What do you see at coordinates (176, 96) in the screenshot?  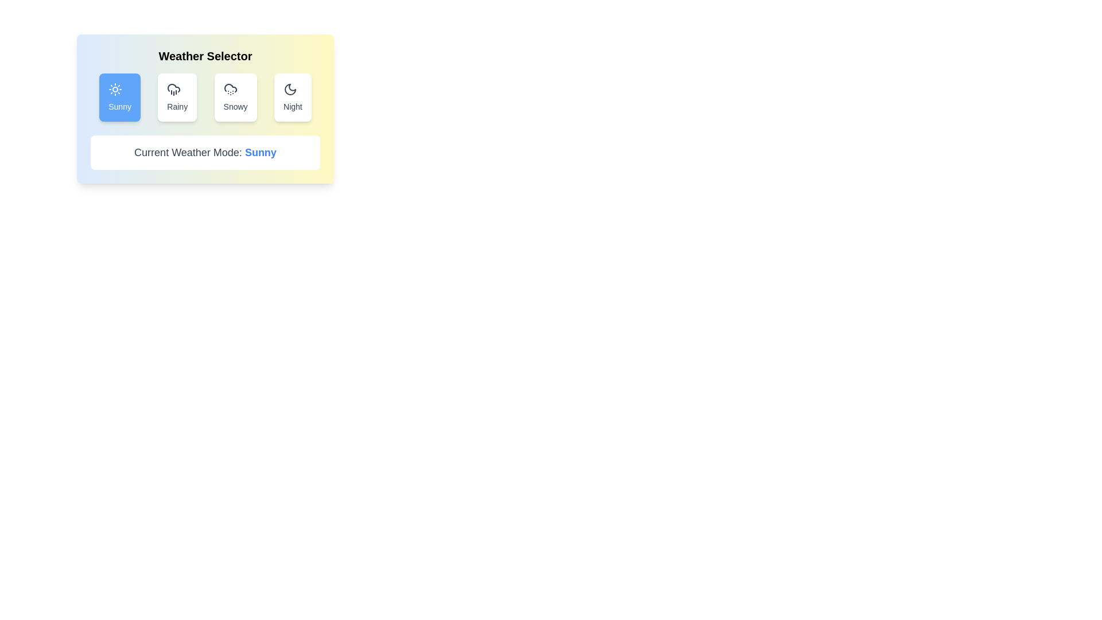 I see `the weather option Rainy by clicking its corresponding button` at bounding box center [176, 96].